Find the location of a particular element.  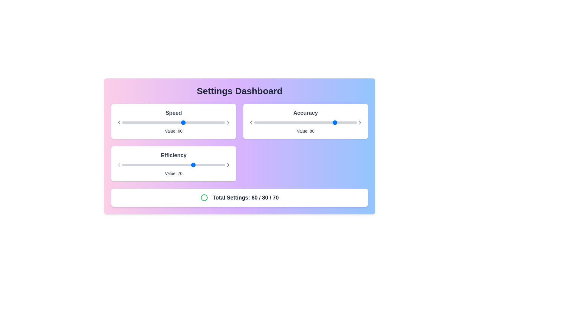

efficiency is located at coordinates (177, 165).